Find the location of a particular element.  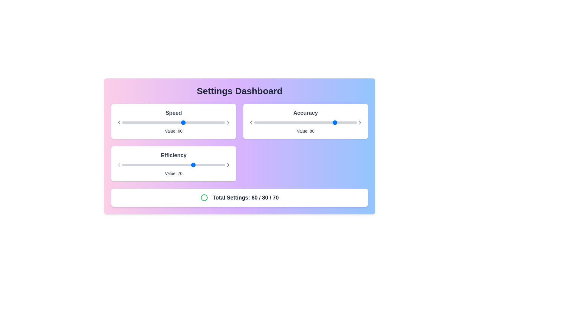

efficiency is located at coordinates (177, 165).